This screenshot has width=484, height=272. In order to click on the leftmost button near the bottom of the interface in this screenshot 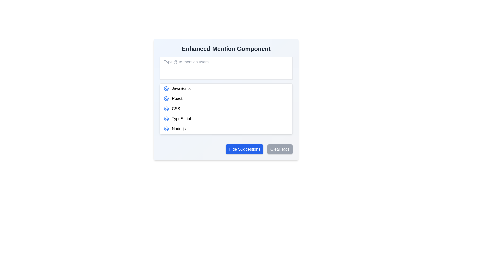, I will do `click(245, 149)`.